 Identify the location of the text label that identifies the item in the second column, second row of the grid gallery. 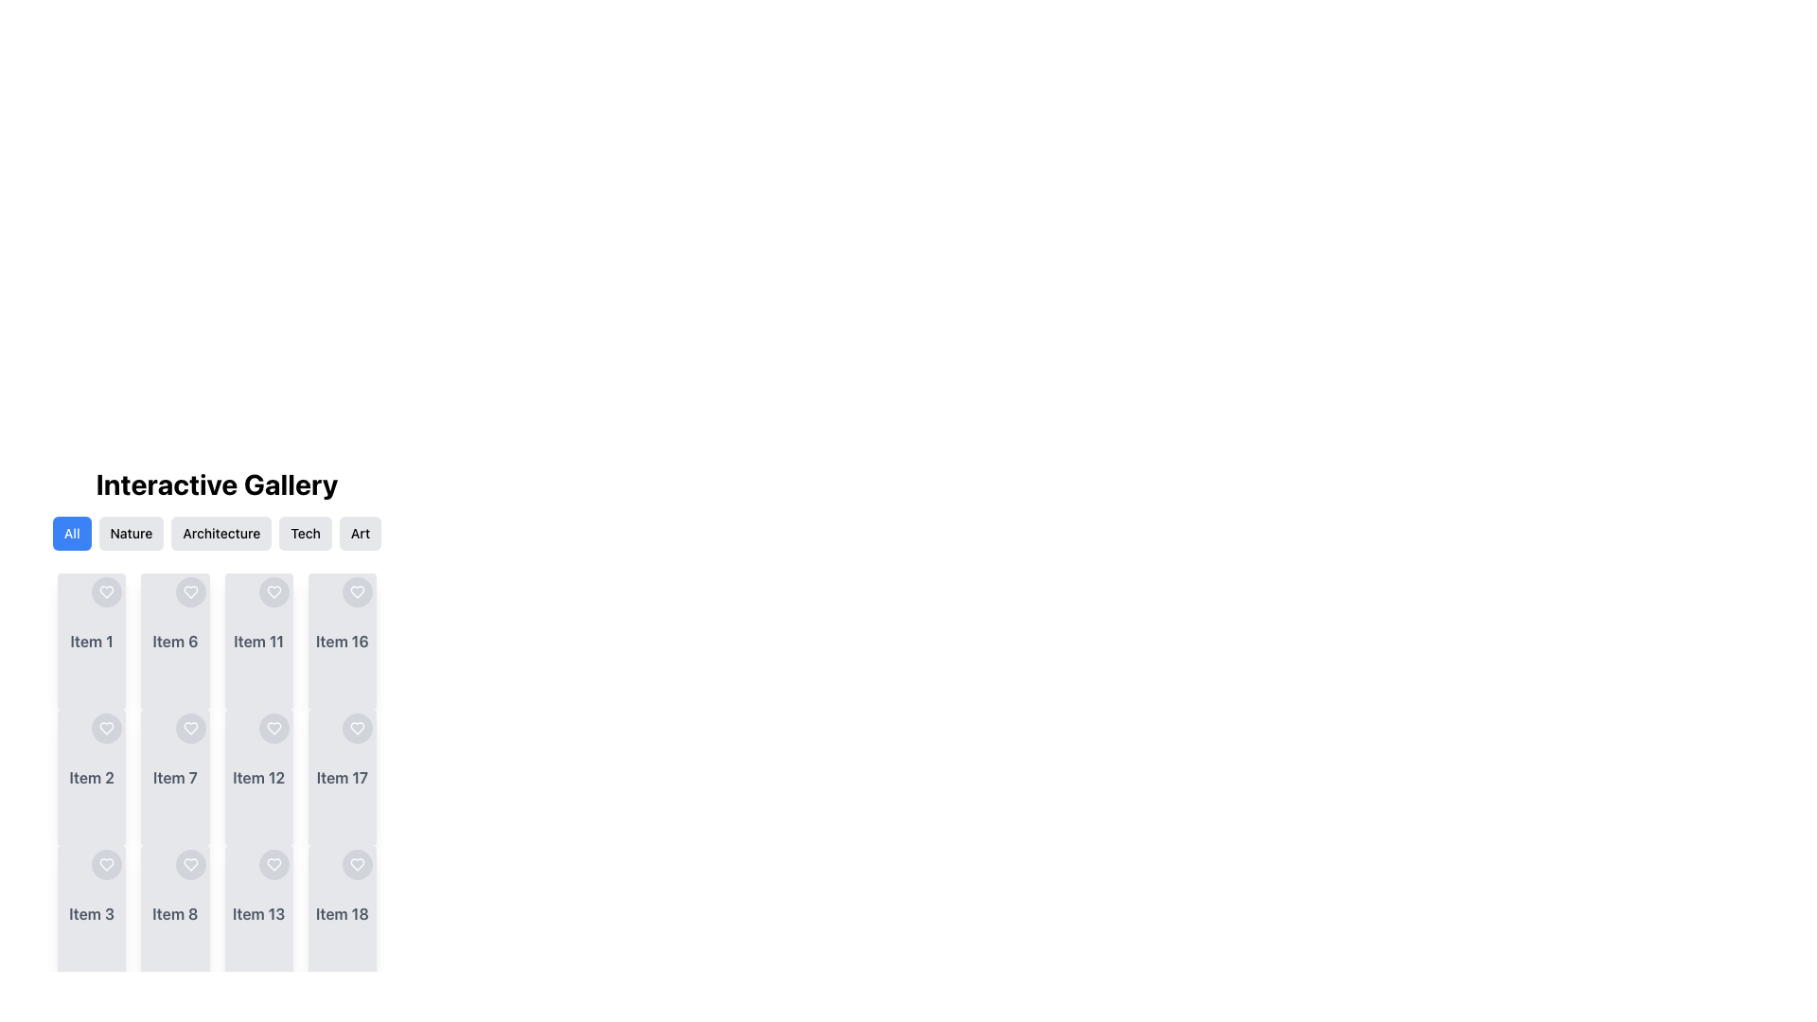
(175, 777).